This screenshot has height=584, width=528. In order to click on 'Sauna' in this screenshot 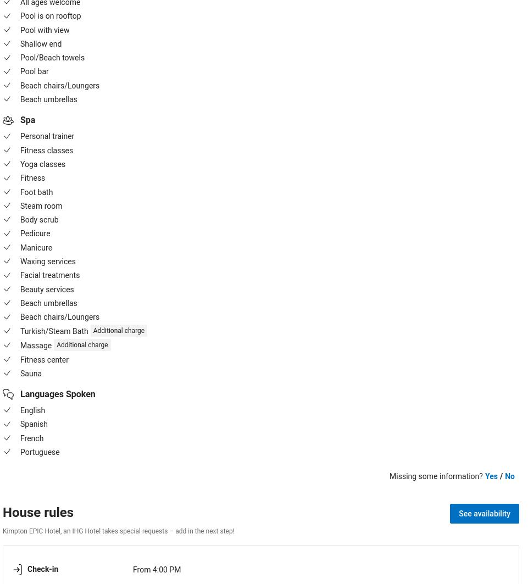, I will do `click(19, 372)`.